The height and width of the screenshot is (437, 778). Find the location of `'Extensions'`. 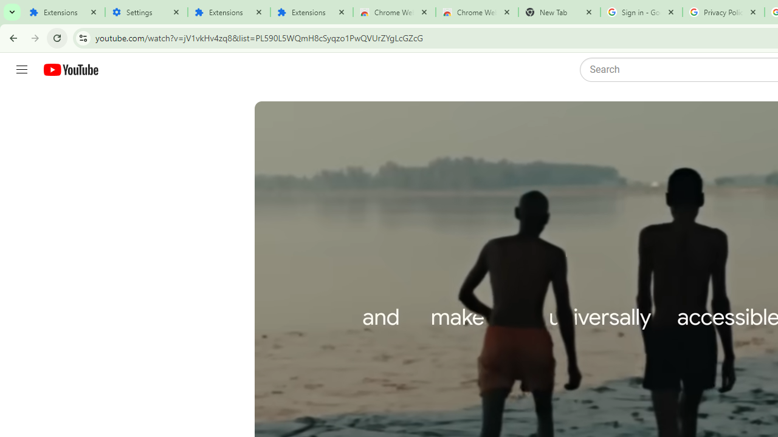

'Extensions' is located at coordinates (63, 12).